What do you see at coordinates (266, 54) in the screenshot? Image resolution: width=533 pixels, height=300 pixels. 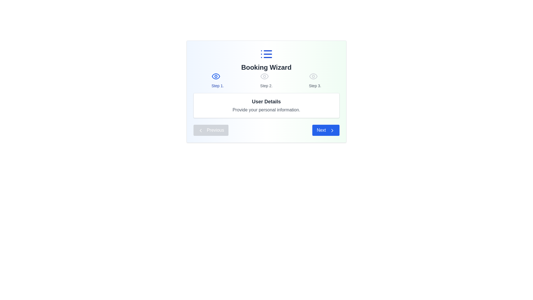 I see `the 'Booking Wizard' icon, which symbolizes a list or menu and is located at the vertical center and top of the 'Booking Wizard' section` at bounding box center [266, 54].